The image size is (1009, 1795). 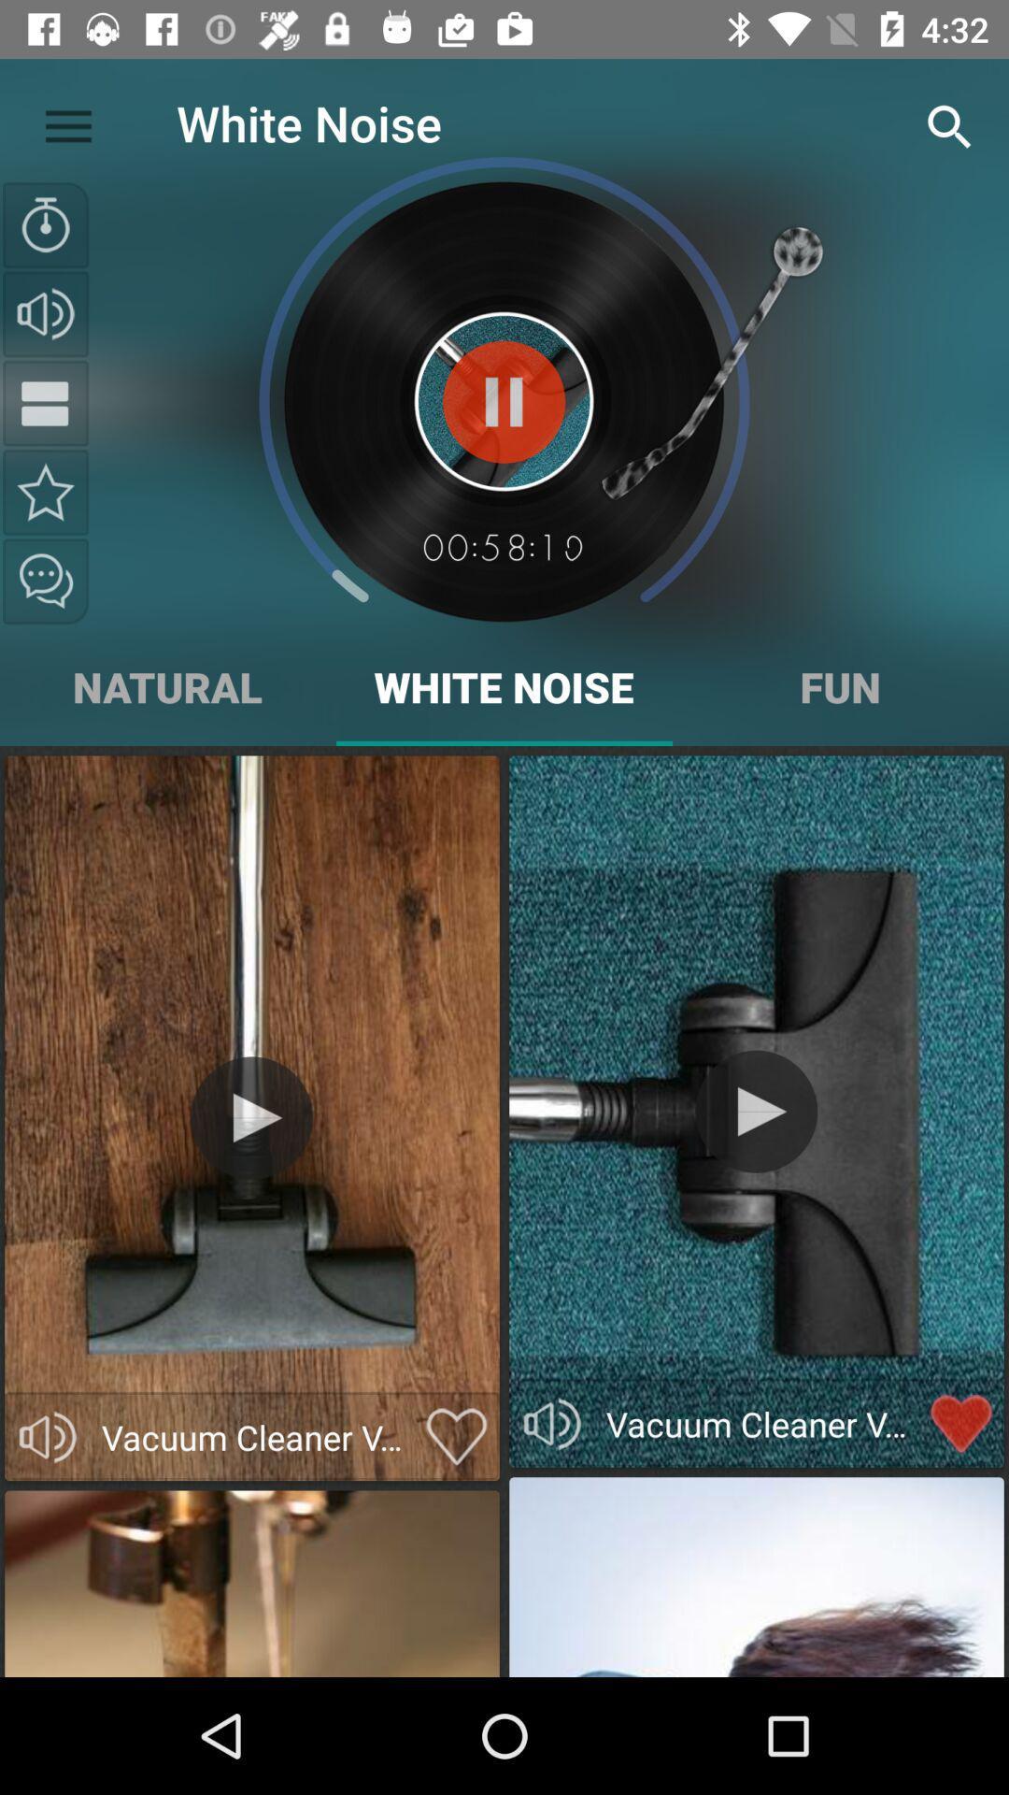 I want to click on the sound, so click(x=503, y=401).